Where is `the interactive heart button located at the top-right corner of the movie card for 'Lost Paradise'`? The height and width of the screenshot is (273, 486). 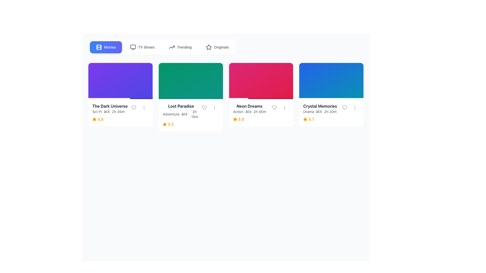 the interactive heart button located at the top-right corner of the movie card for 'Lost Paradise' is located at coordinates (204, 107).